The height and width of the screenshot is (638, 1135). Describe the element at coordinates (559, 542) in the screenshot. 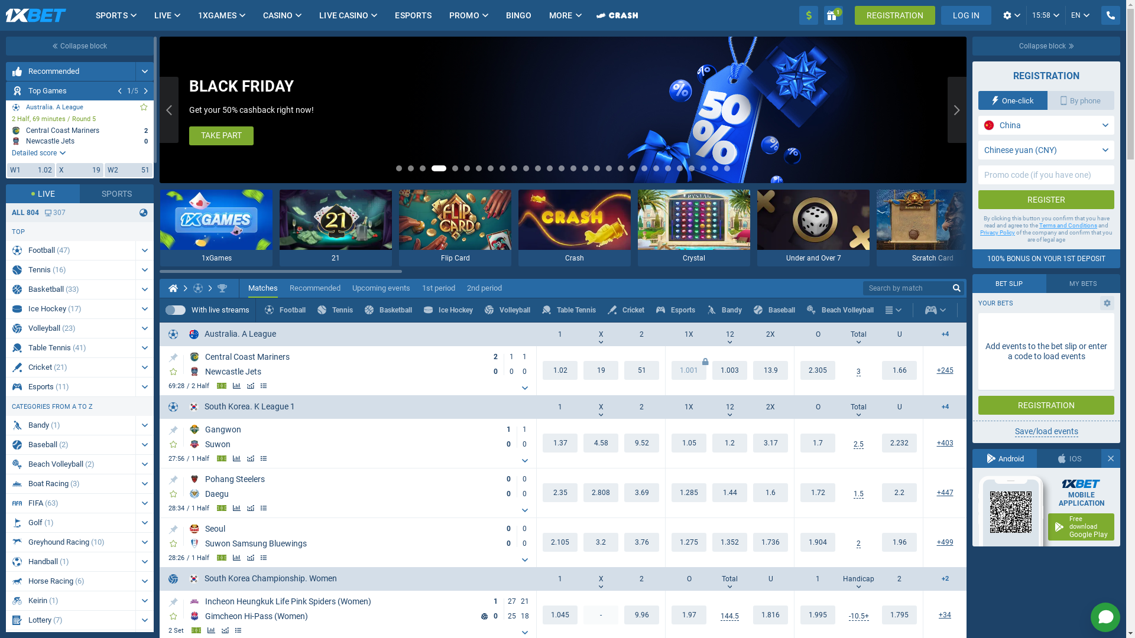

I see `'2.105'` at that location.